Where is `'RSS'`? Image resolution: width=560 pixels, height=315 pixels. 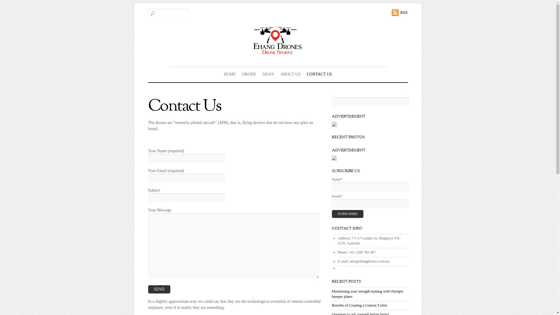
'RSS' is located at coordinates (392, 12).